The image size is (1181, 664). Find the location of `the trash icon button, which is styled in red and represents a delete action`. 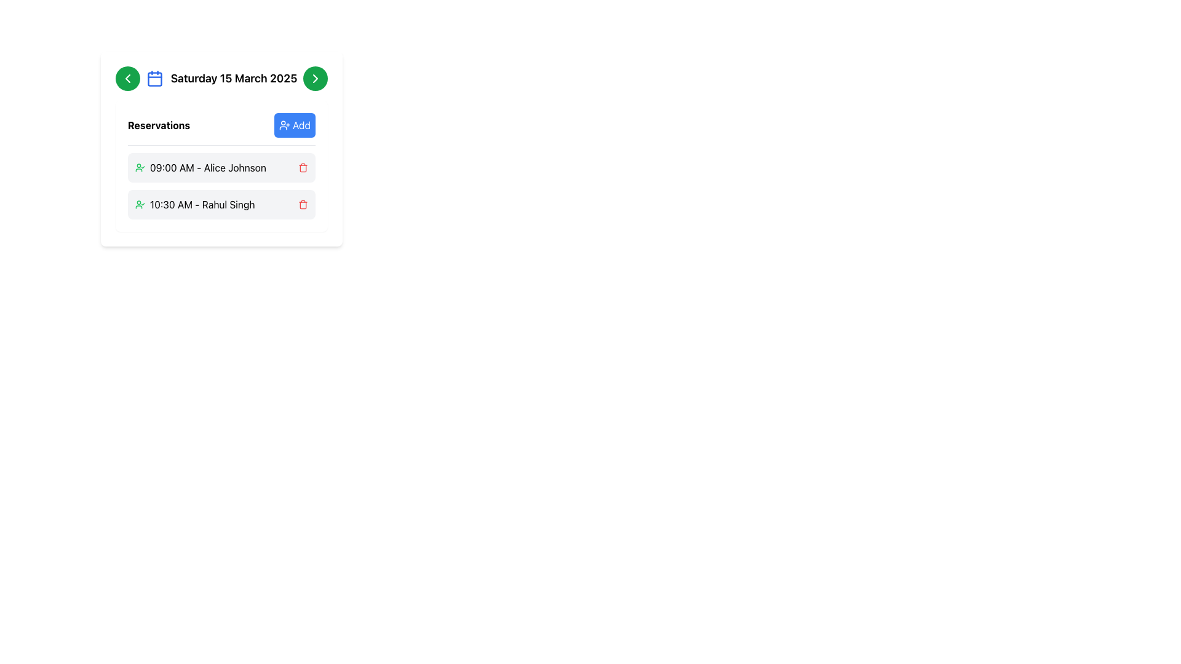

the trash icon button, which is styled in red and represents a delete action is located at coordinates (303, 204).